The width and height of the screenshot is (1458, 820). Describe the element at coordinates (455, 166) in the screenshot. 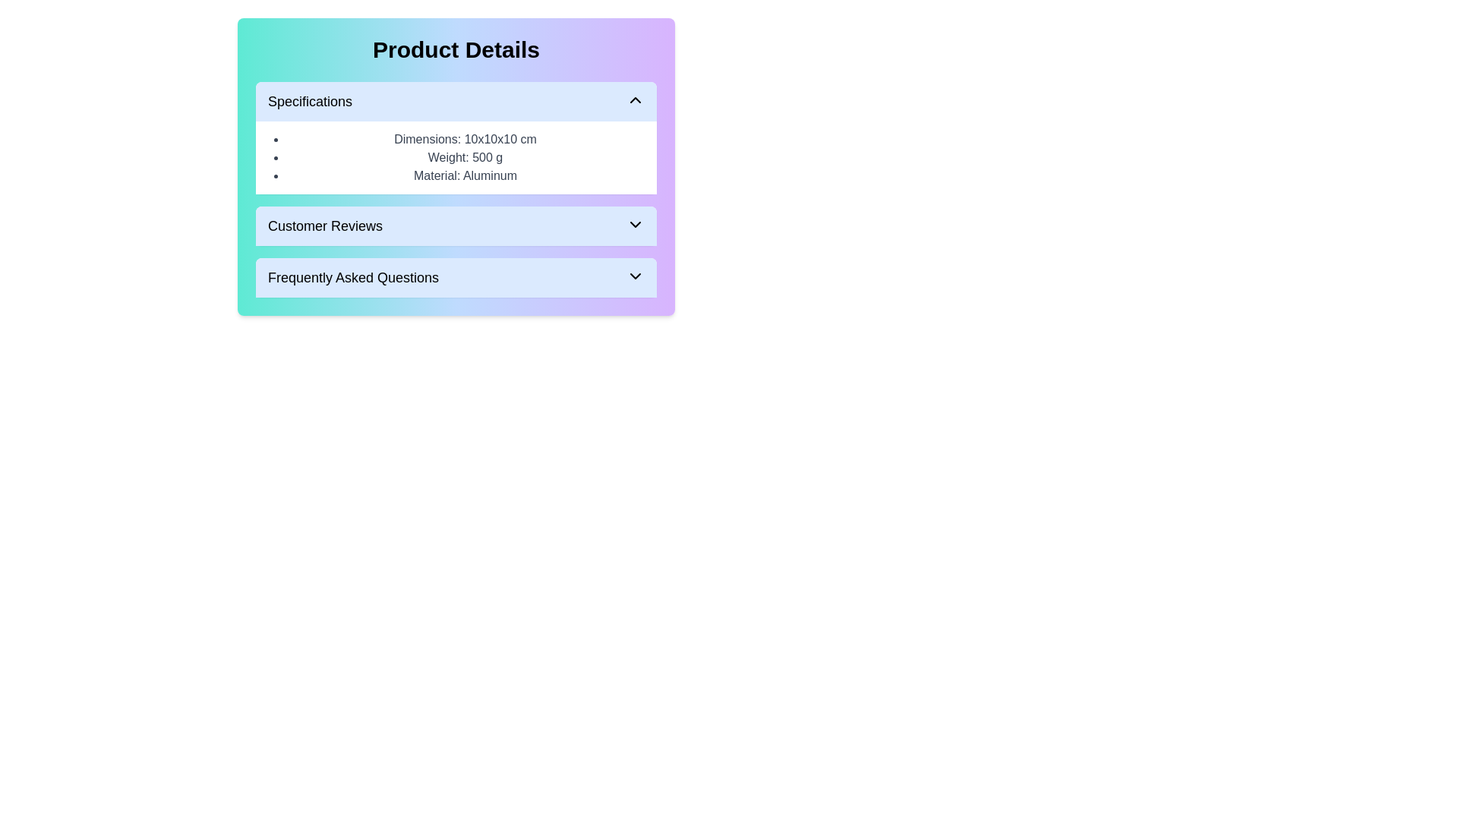

I see `the Information panel that displays key product details such as specifications, dimensions, weight, and material` at that location.